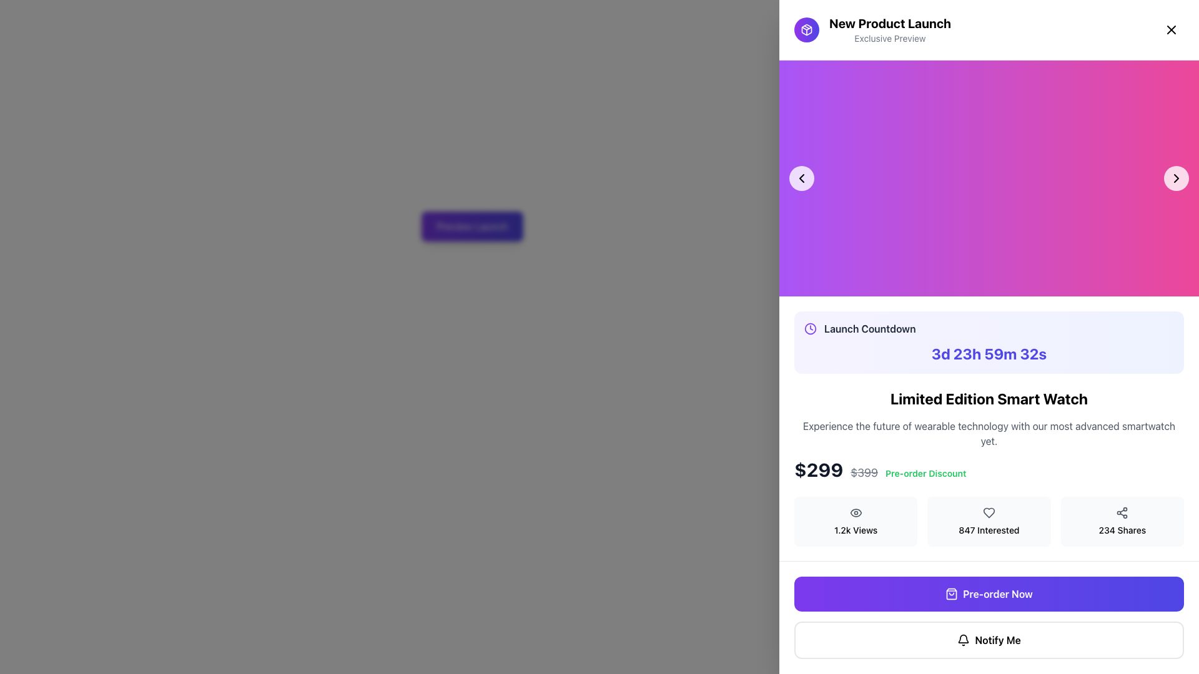  Describe the element at coordinates (1122, 512) in the screenshot. I see `the share icon, which consists of three small connected circular nodes forming a triangular pattern, located adjacent to the text '234 Shares' in the bottom-right group of the feature layout section` at that location.